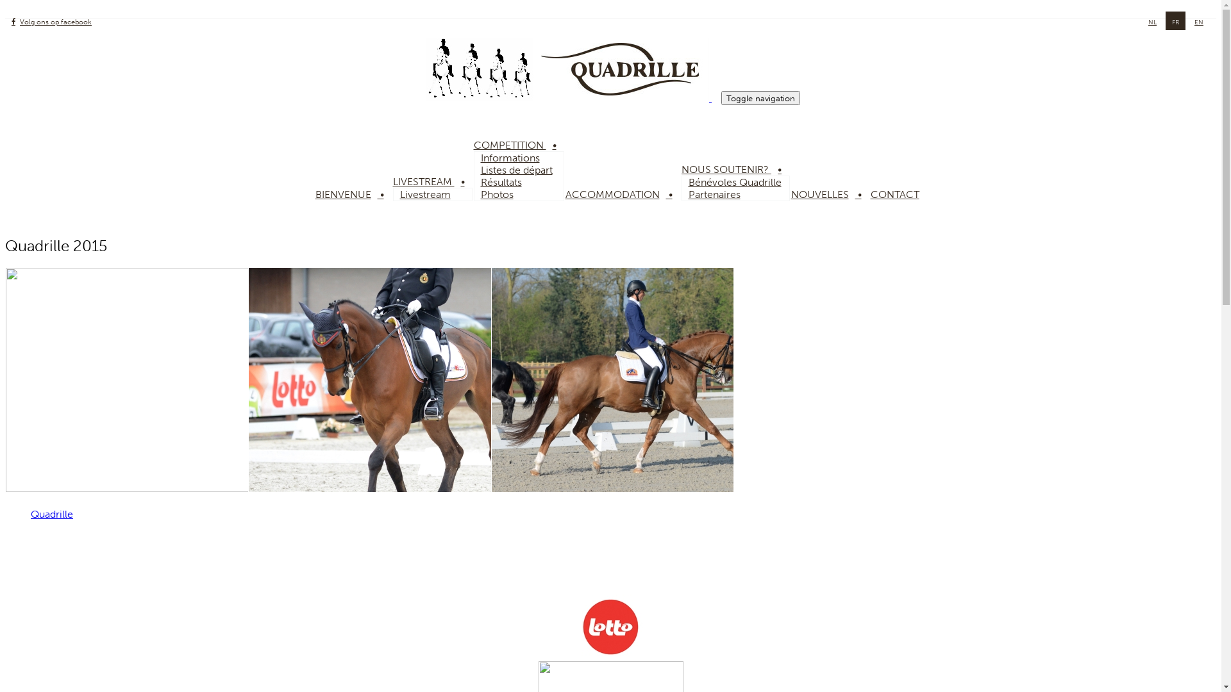 The image size is (1231, 692). I want to click on 'FR', so click(1175, 22).